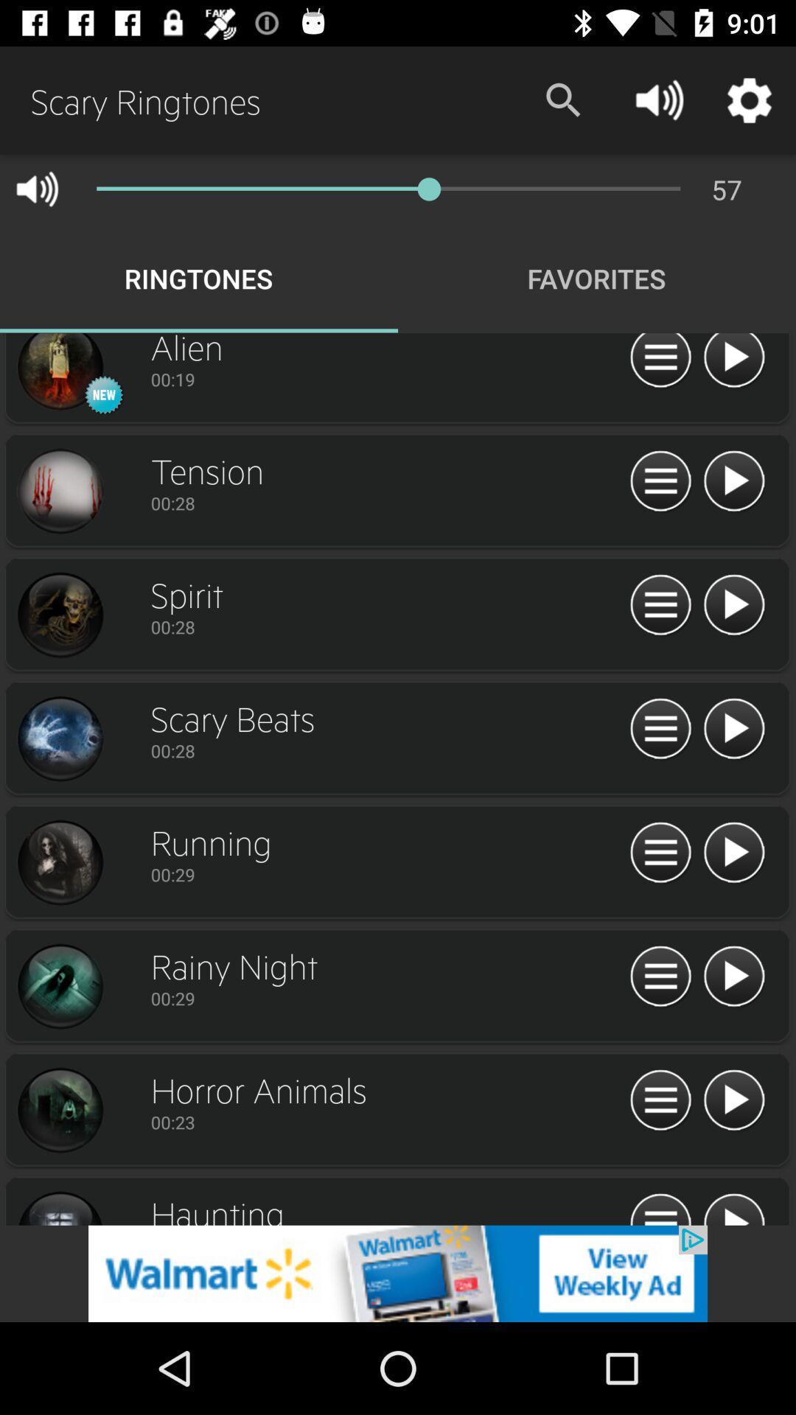 The image size is (796, 1415). Describe the element at coordinates (59, 615) in the screenshot. I see `artist` at that location.